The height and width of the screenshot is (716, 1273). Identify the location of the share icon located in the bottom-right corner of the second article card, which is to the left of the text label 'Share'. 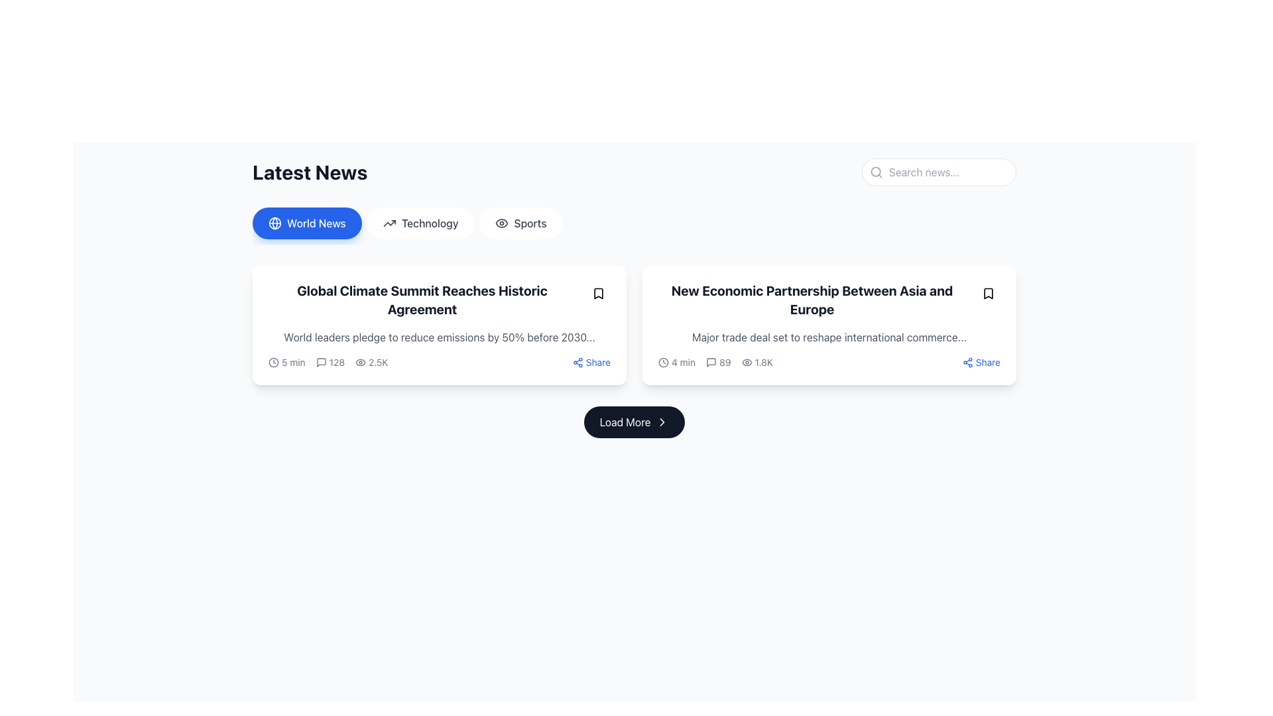
(967, 363).